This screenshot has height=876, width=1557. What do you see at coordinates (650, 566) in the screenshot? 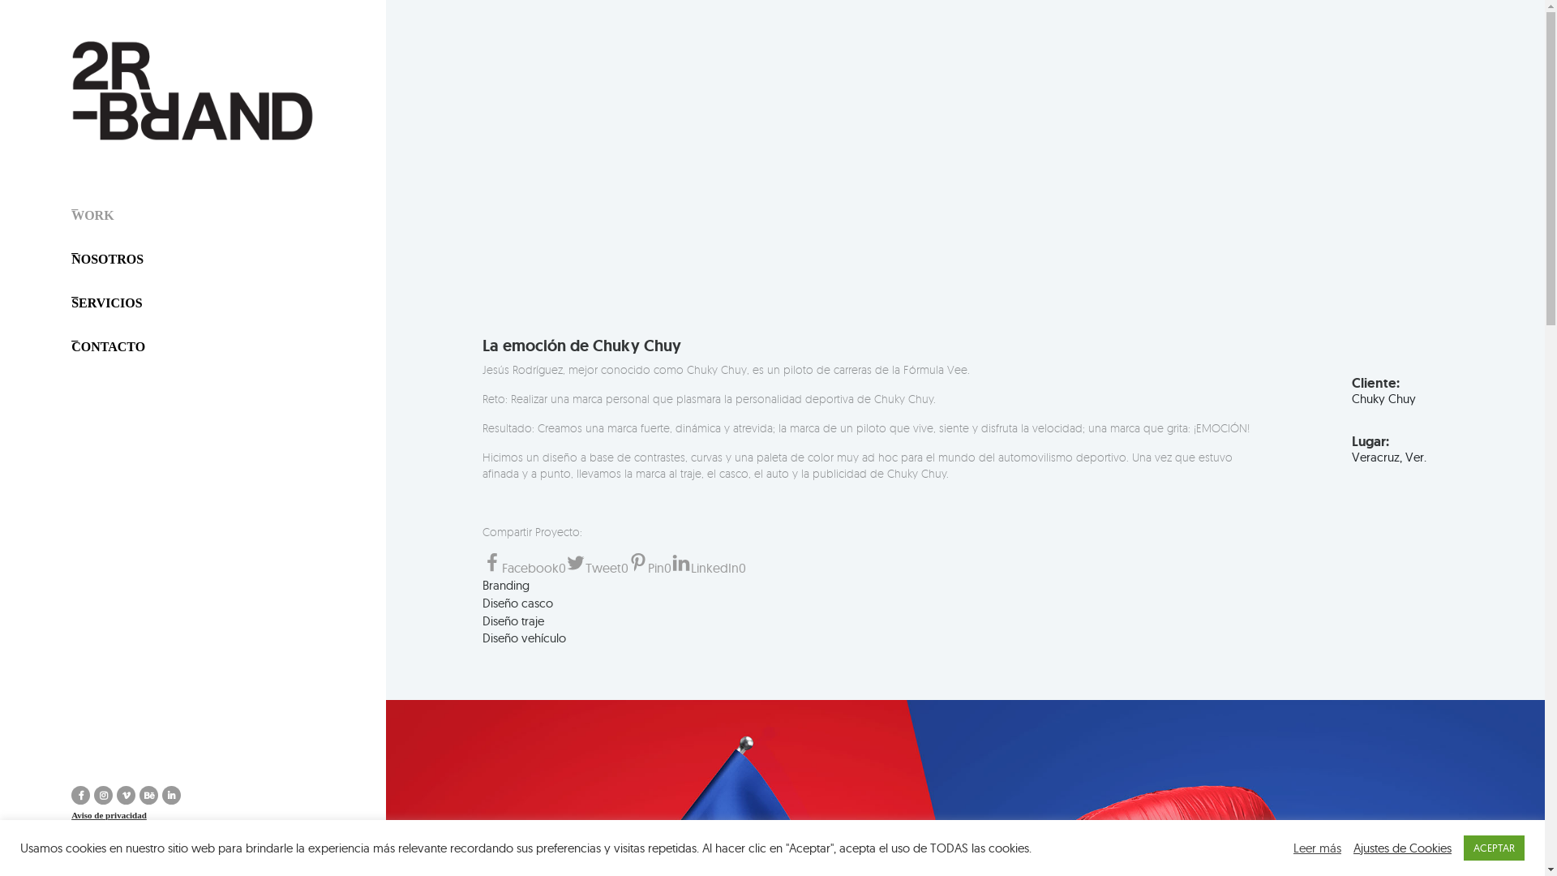
I see `'Pin0'` at bounding box center [650, 566].